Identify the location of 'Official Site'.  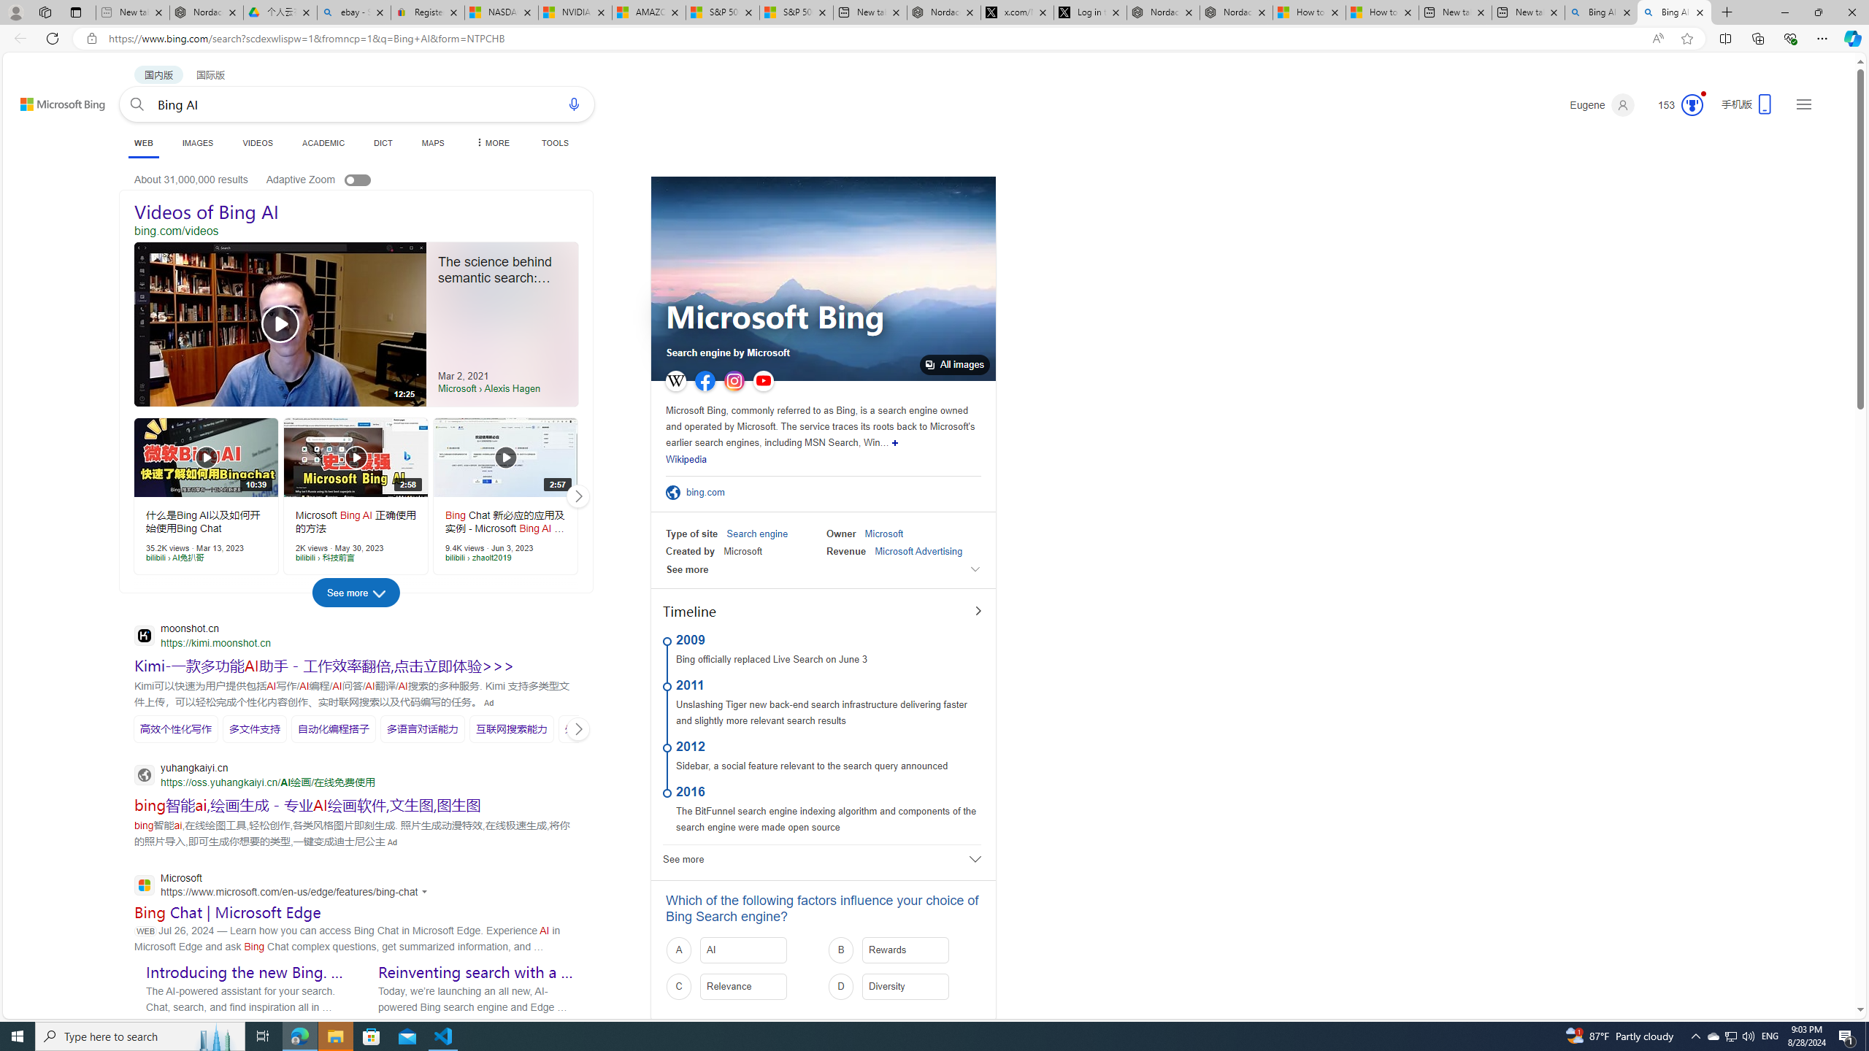
(675, 492).